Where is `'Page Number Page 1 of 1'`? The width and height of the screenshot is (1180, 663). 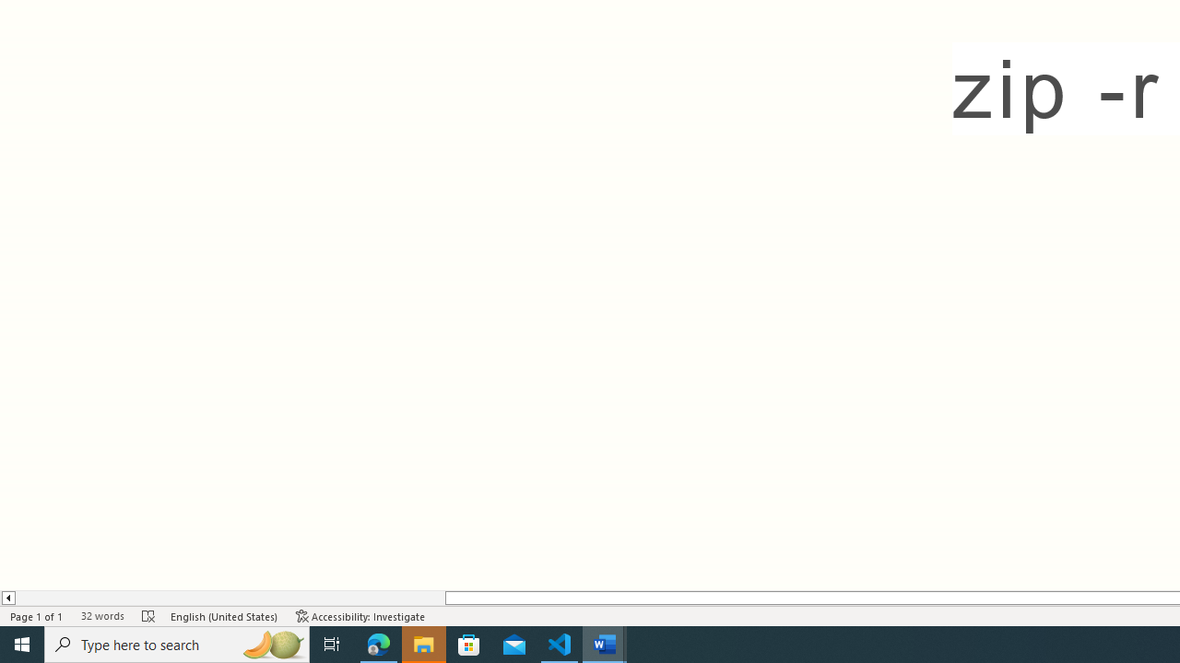
'Page Number Page 1 of 1' is located at coordinates (37, 616).